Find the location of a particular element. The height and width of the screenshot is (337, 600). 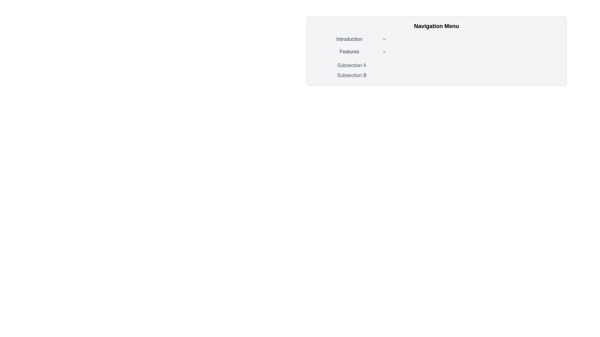

the icon located to the right of the 'Introduction' text in the navigation menu is located at coordinates (384, 39).